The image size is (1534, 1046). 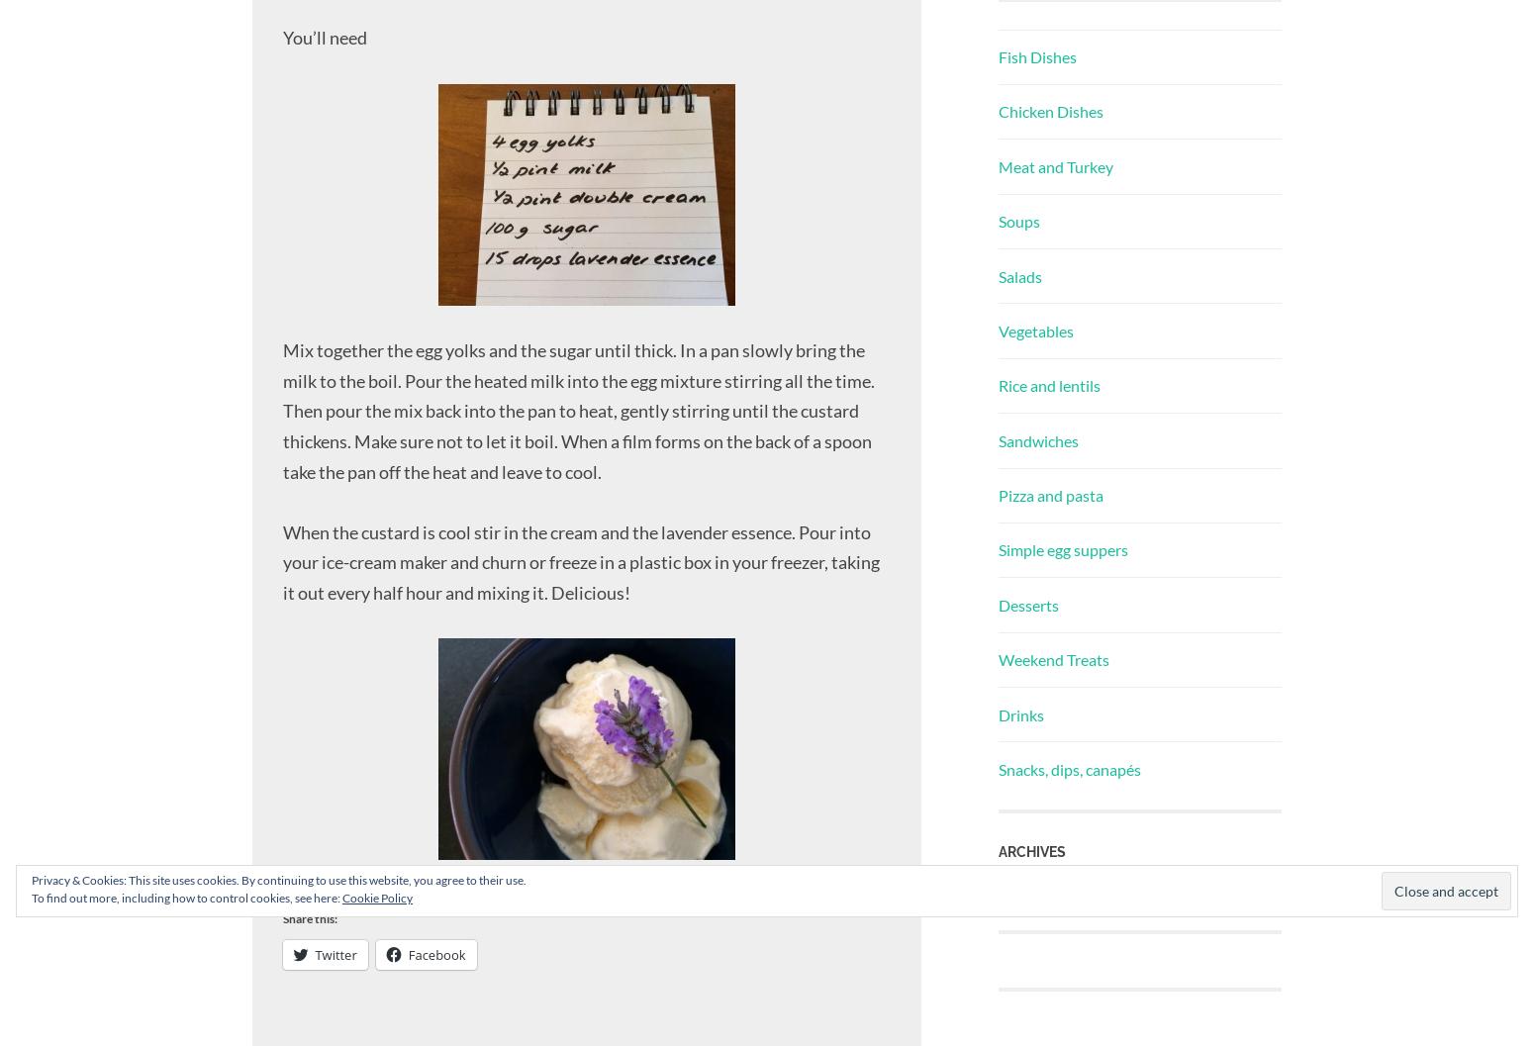 I want to click on 'Soups', so click(x=1018, y=221).